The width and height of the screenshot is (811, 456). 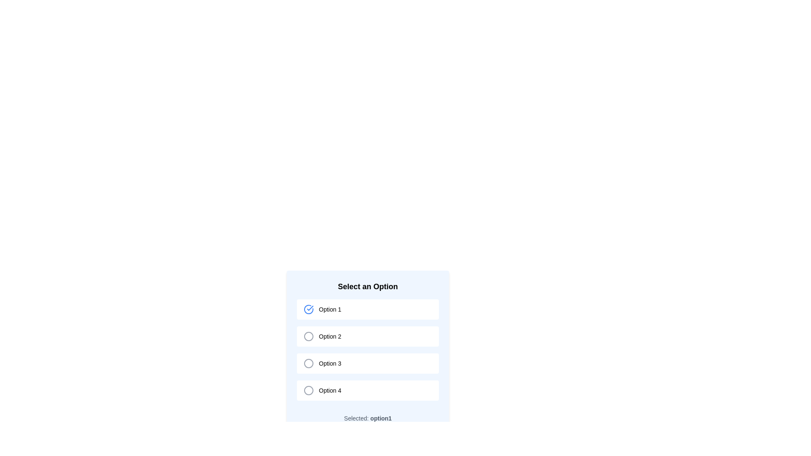 What do you see at coordinates (308, 336) in the screenshot?
I see `the unselected radio button located to the left of the text 'Option 2'` at bounding box center [308, 336].